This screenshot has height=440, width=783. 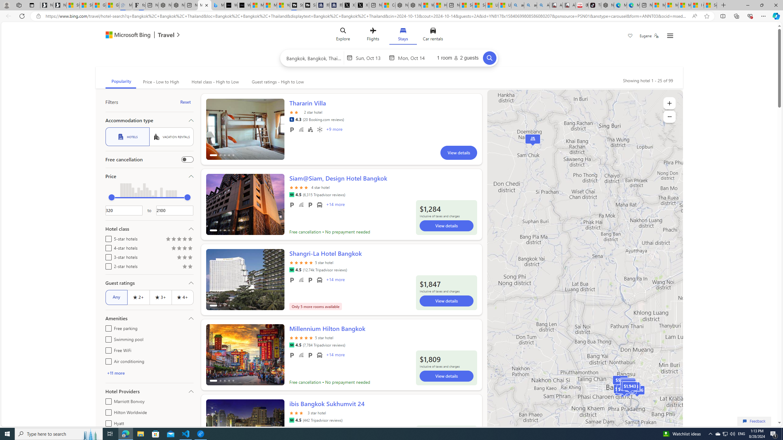 What do you see at coordinates (149, 373) in the screenshot?
I see `'+11 more'` at bounding box center [149, 373].